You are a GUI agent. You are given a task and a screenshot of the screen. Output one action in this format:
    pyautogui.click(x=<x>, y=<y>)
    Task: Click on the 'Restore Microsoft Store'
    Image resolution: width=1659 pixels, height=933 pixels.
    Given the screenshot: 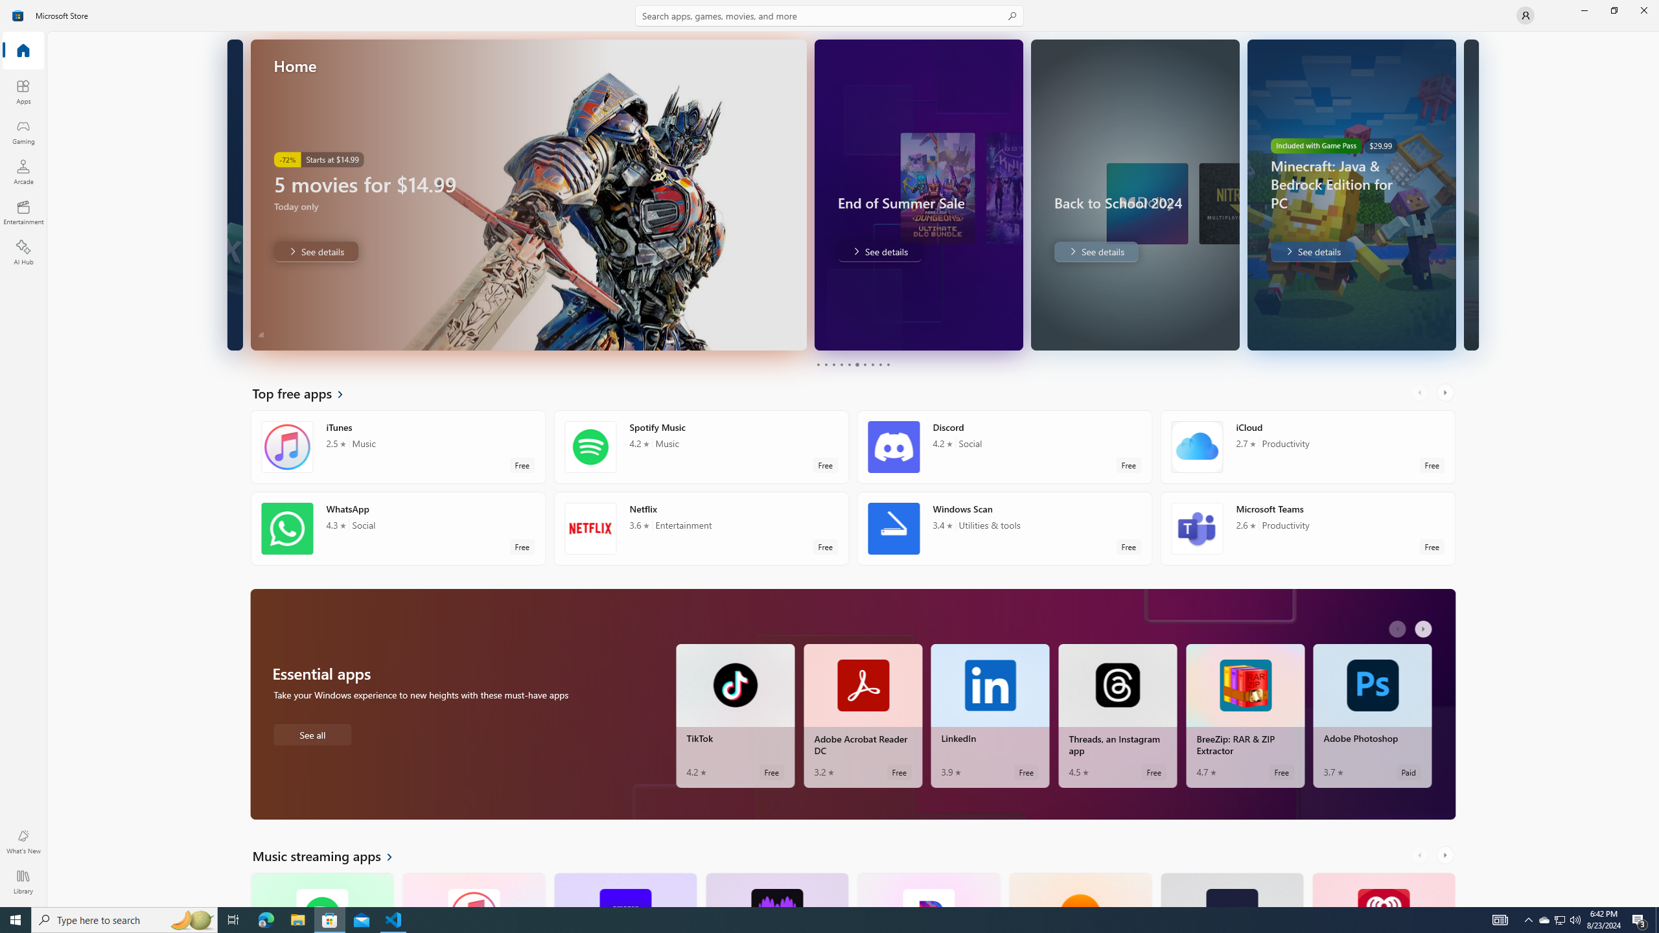 What is the action you would take?
    pyautogui.click(x=1614, y=10)
    